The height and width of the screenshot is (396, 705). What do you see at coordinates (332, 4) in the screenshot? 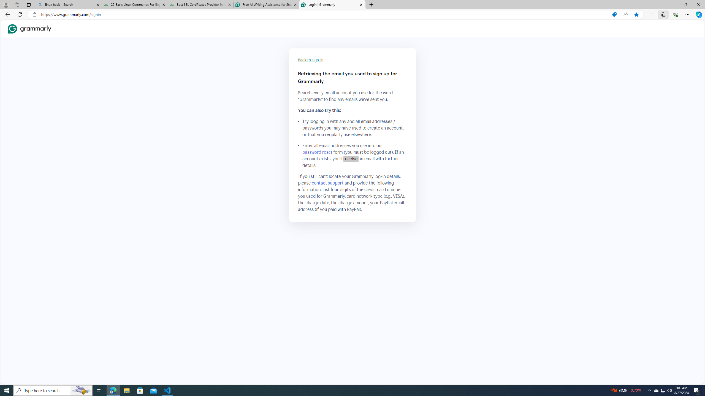
I see `'Login | Grammarly'` at bounding box center [332, 4].